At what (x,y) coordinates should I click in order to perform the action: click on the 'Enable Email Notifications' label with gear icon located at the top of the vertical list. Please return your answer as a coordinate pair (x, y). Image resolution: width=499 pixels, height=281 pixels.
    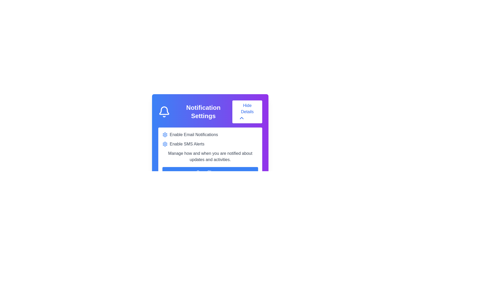
    Looking at the image, I should click on (210, 134).